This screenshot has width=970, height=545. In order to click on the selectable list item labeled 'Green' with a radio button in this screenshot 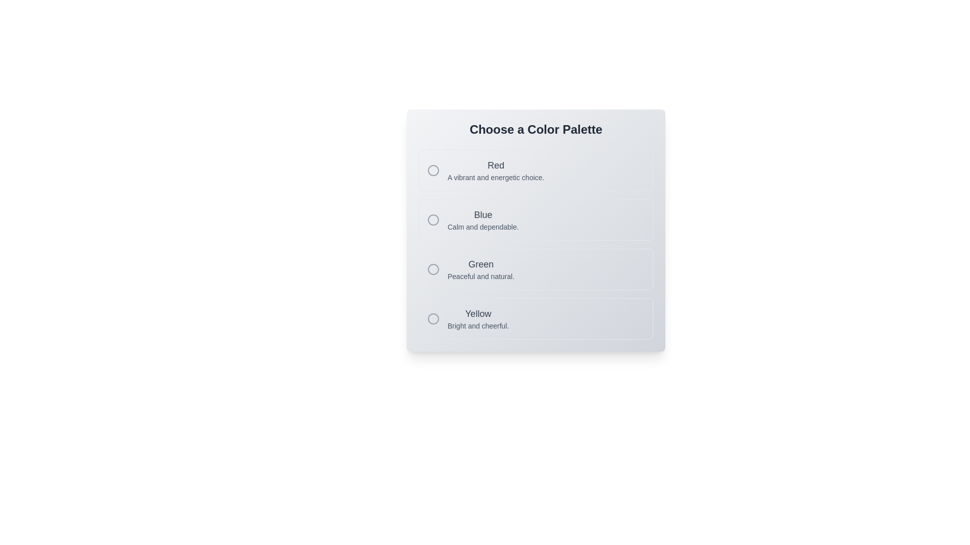, I will do `click(535, 268)`.